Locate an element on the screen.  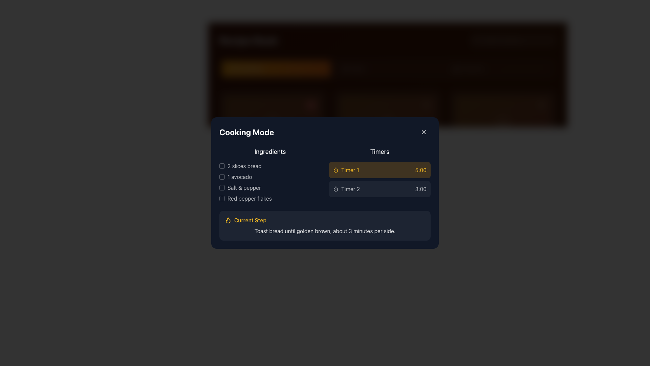
the interactive button with a rounded border and a '+' icon, located at the top-right corner of the 'Cooking Mode' panel is located at coordinates (424, 132).